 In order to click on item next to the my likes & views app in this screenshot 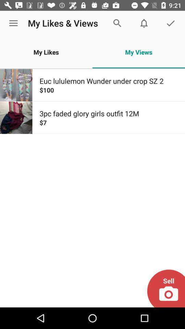, I will do `click(13, 23)`.